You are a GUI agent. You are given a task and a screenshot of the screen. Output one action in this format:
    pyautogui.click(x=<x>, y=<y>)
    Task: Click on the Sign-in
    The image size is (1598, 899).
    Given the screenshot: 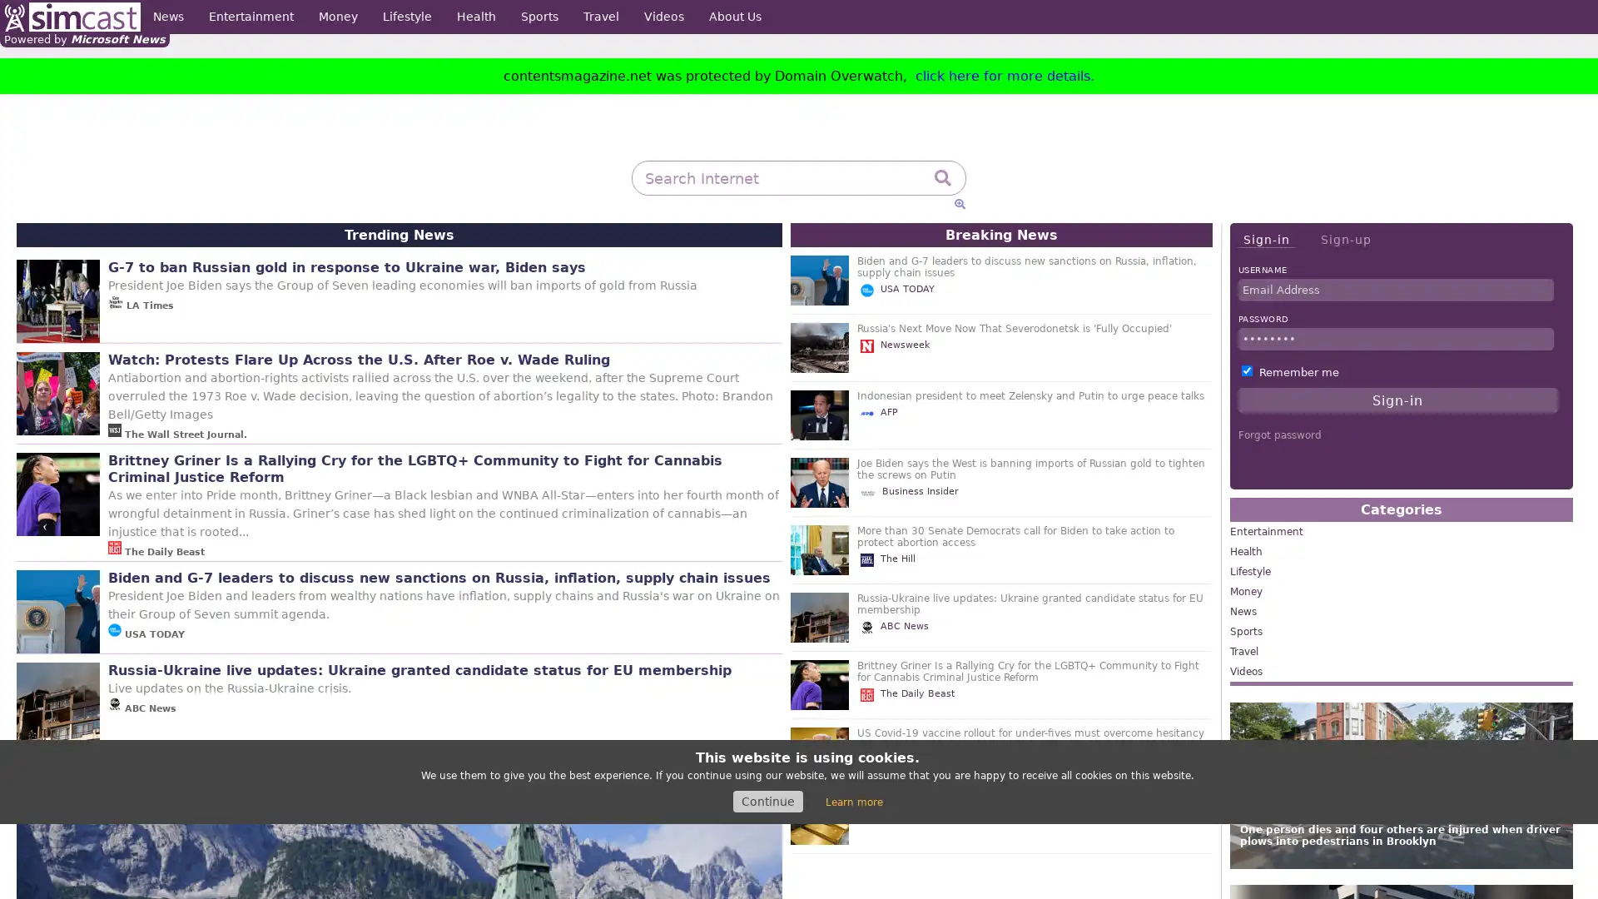 What is the action you would take?
    pyautogui.click(x=1265, y=240)
    